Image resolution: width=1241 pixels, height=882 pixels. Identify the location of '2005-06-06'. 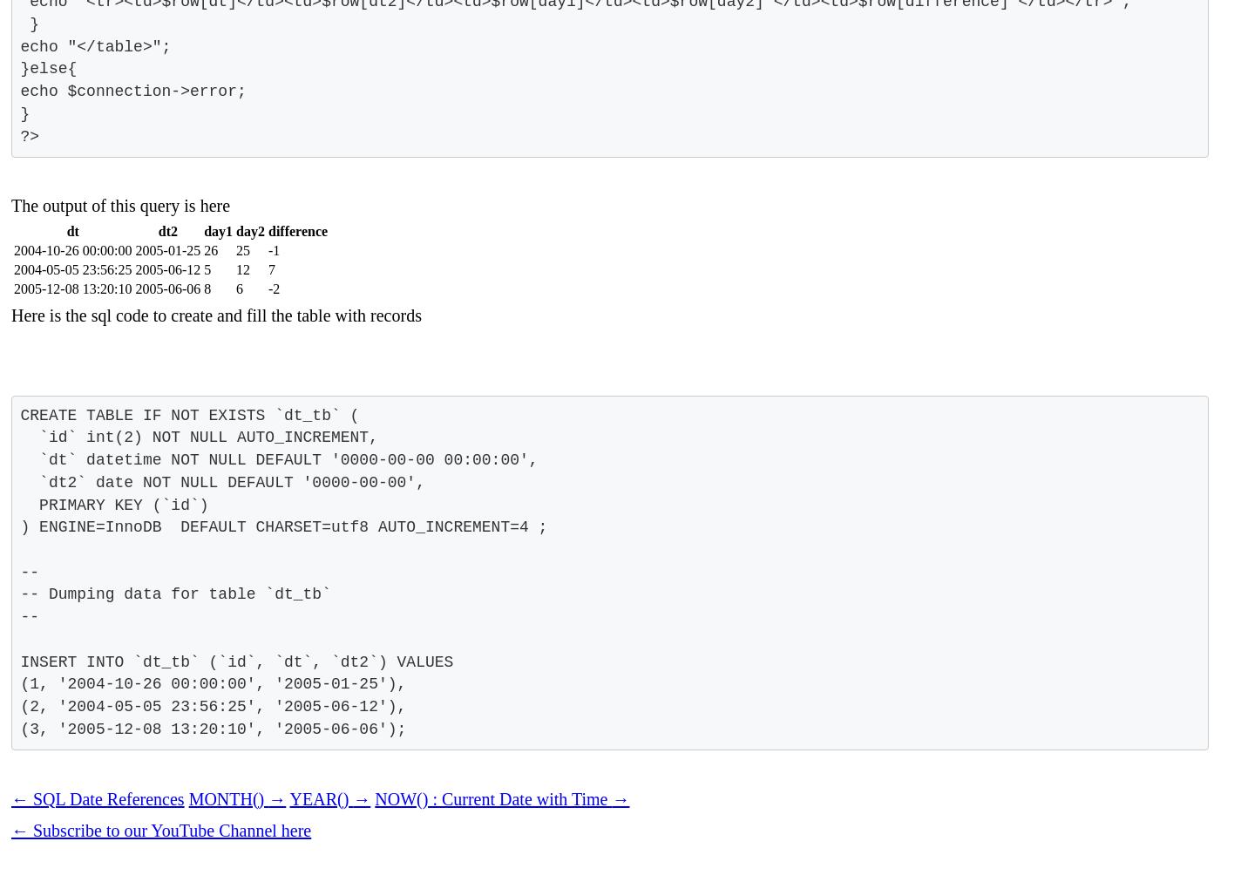
(166, 288).